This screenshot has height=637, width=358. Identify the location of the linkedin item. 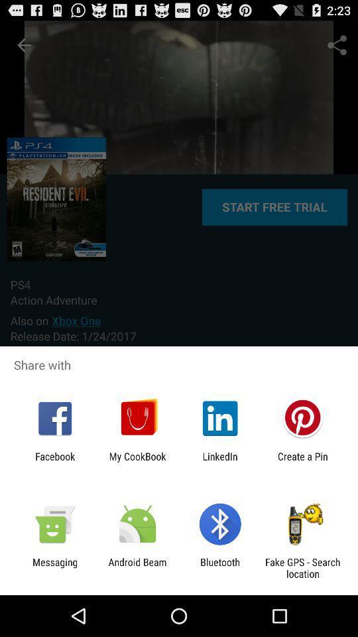
(220, 462).